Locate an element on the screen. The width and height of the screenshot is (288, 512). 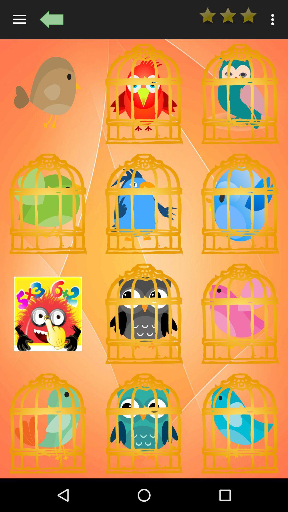
choose activity is located at coordinates (48, 314).